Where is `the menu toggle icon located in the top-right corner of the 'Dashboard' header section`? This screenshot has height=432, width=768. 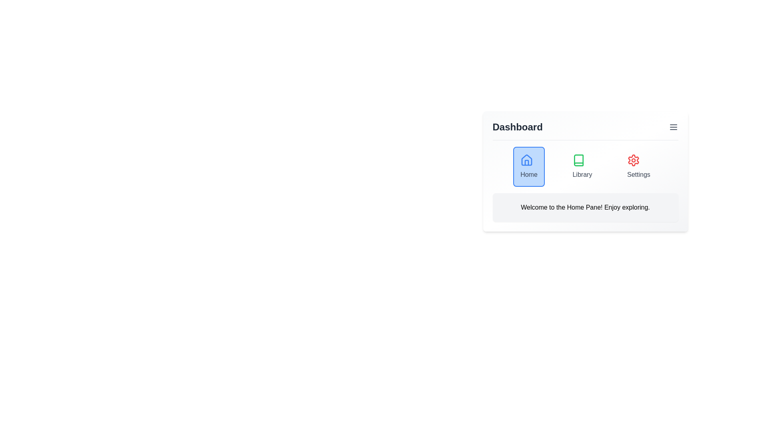
the menu toggle icon located in the top-right corner of the 'Dashboard' header section is located at coordinates (673, 126).